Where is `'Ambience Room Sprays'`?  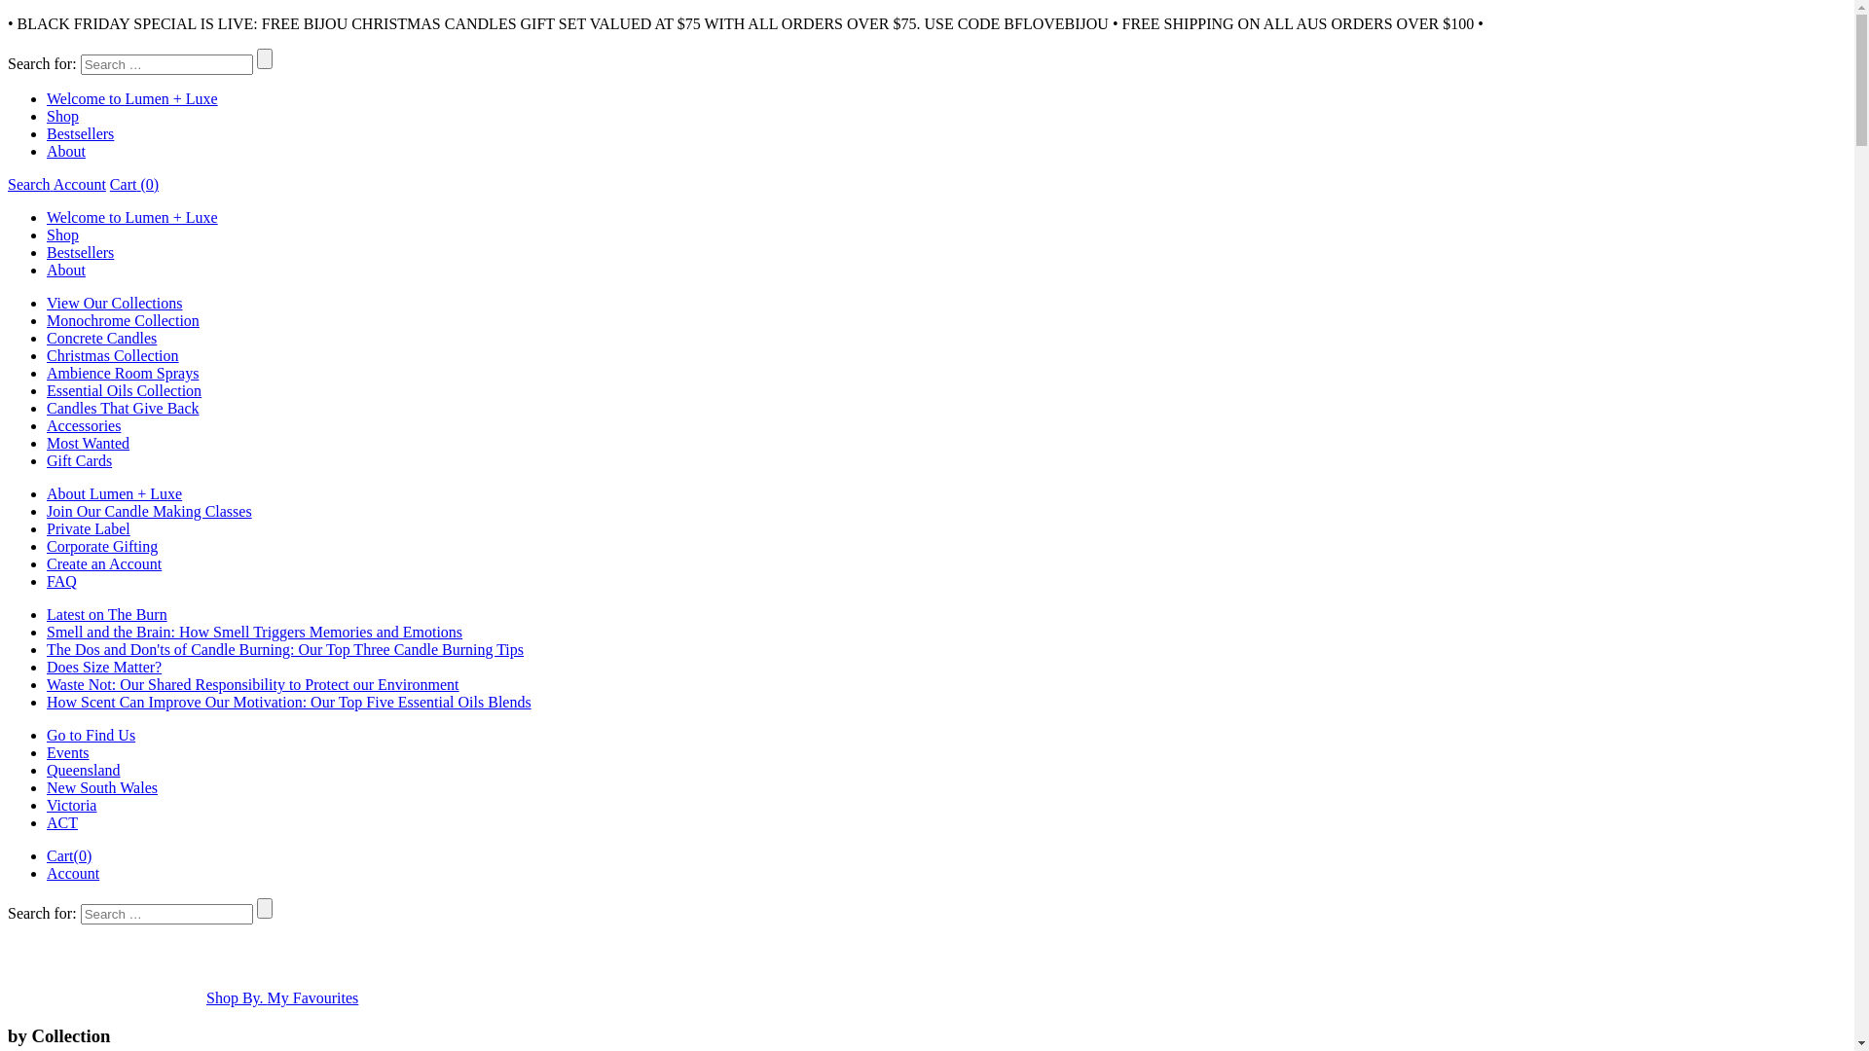
'Ambience Room Sprays' is located at coordinates (47, 373).